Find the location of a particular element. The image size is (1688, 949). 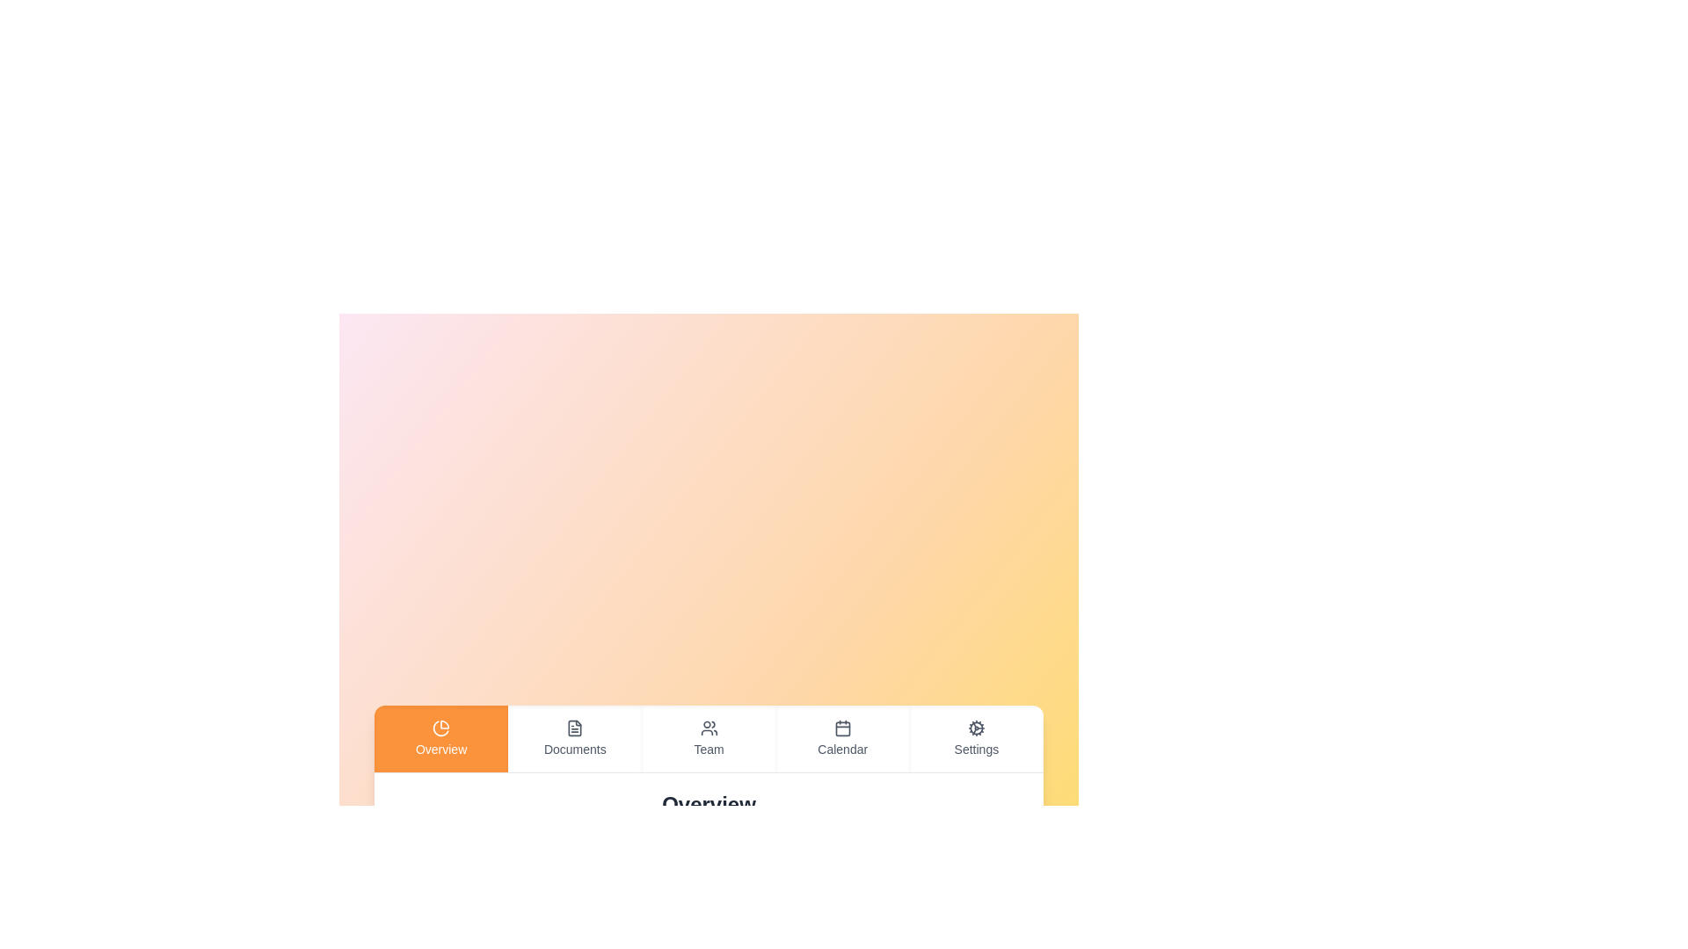

the static calendar icon located at the top of the 'Calendar' section in the bottom navigation bar is located at coordinates (841, 728).